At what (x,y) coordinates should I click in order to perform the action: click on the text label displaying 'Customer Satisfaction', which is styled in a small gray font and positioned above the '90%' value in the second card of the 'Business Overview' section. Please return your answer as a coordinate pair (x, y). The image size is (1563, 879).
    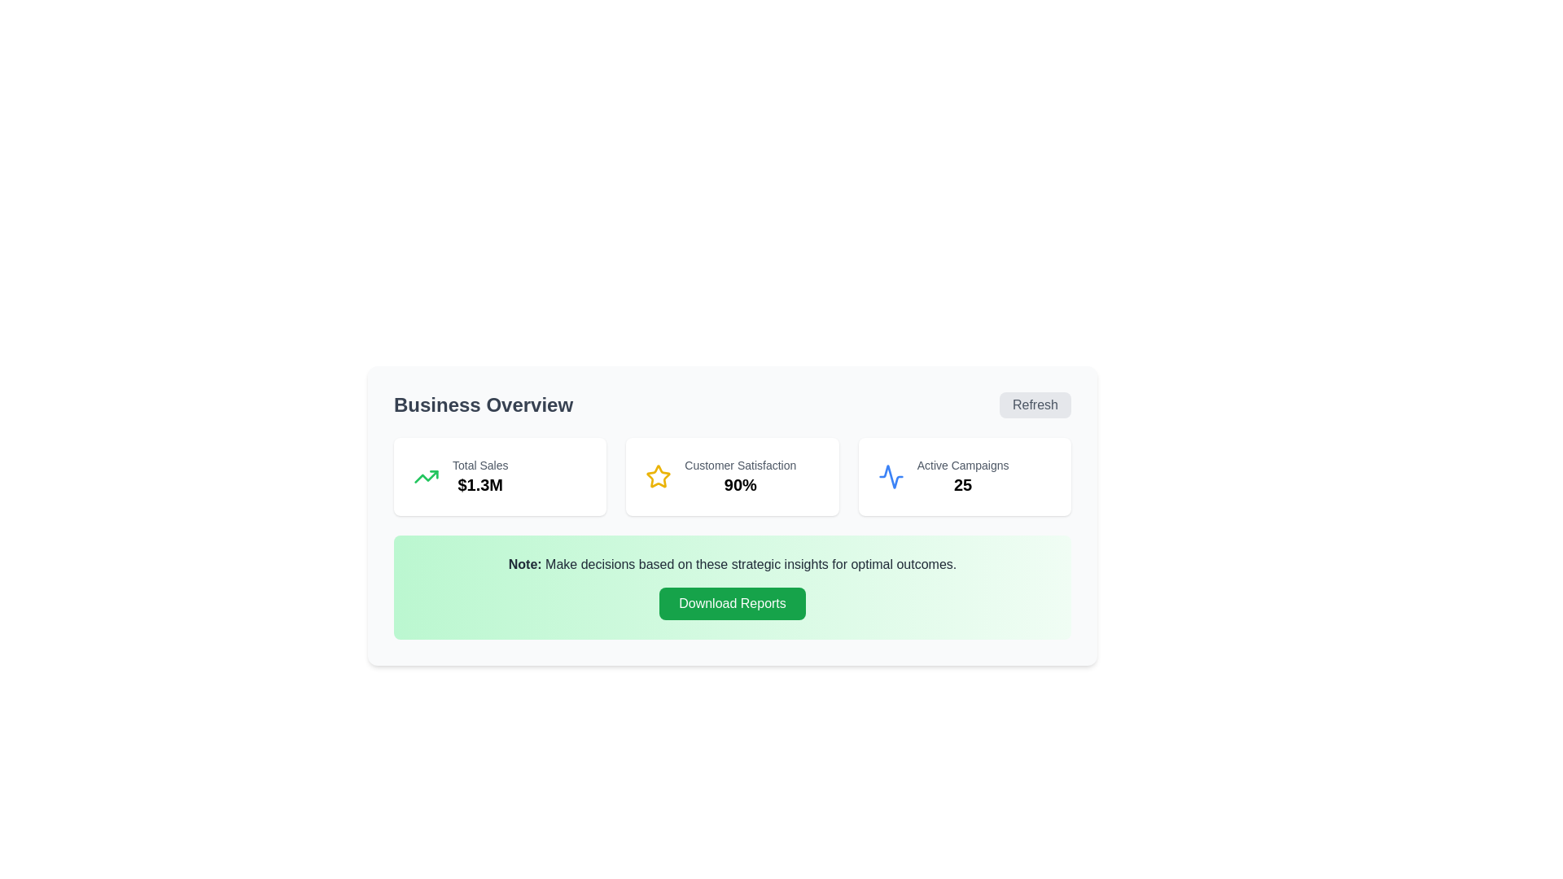
    Looking at the image, I should click on (739, 465).